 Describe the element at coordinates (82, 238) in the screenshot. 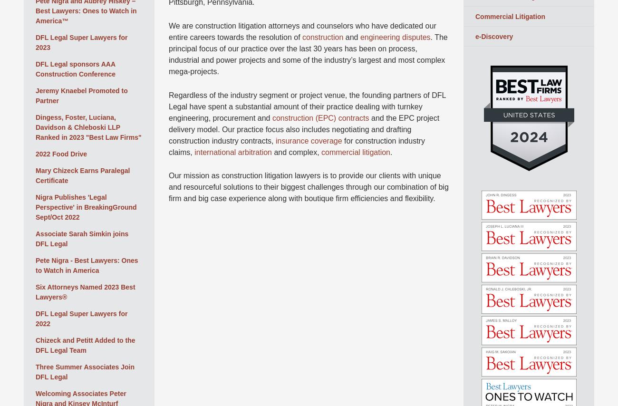

I see `'Associate Sarah Simkin joins DFL Legal'` at that location.